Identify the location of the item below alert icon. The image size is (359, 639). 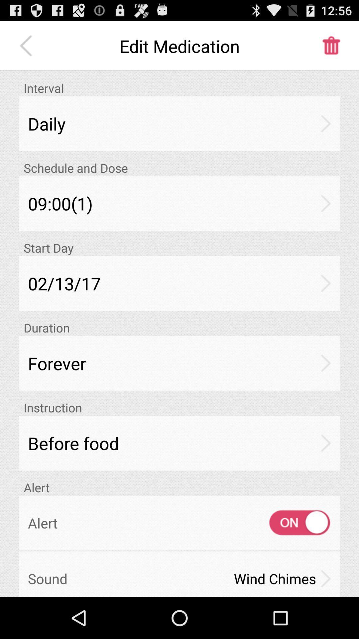
(293, 523).